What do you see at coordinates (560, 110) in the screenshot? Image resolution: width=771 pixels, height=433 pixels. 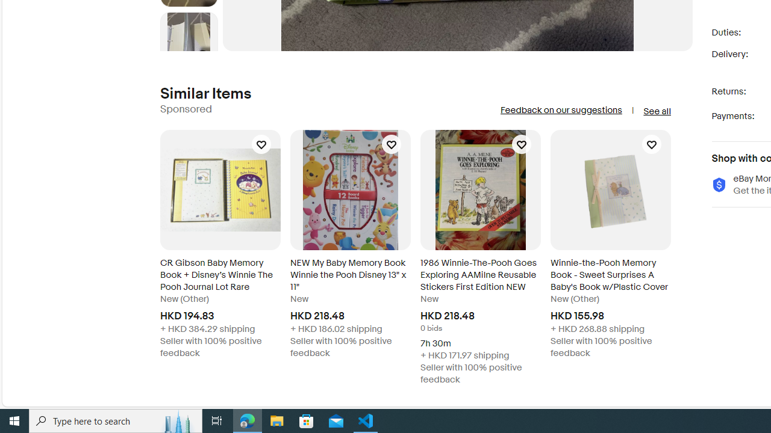 I see `'Feedback on our suggestions'` at bounding box center [560, 110].